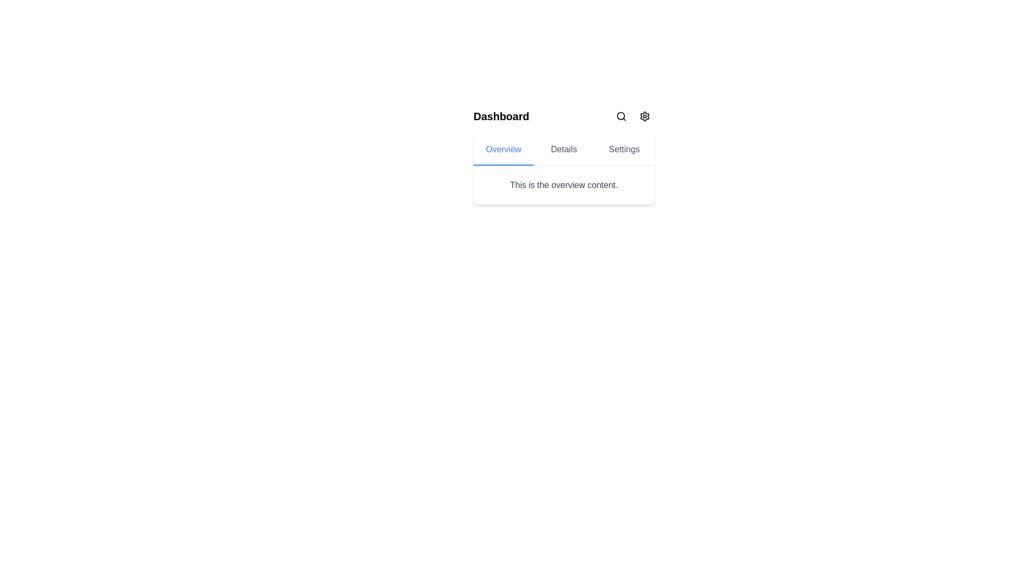  Describe the element at coordinates (563, 185) in the screenshot. I see `the static text block that provides an informational overview related to the 'Overview' section, located below the navigation options` at that location.